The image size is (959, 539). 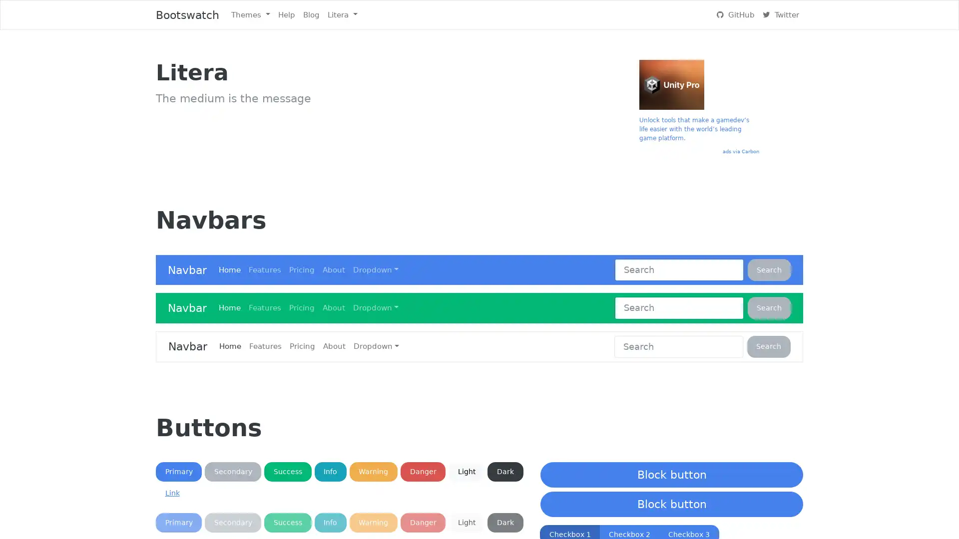 What do you see at coordinates (505, 472) in the screenshot?
I see `Dark` at bounding box center [505, 472].